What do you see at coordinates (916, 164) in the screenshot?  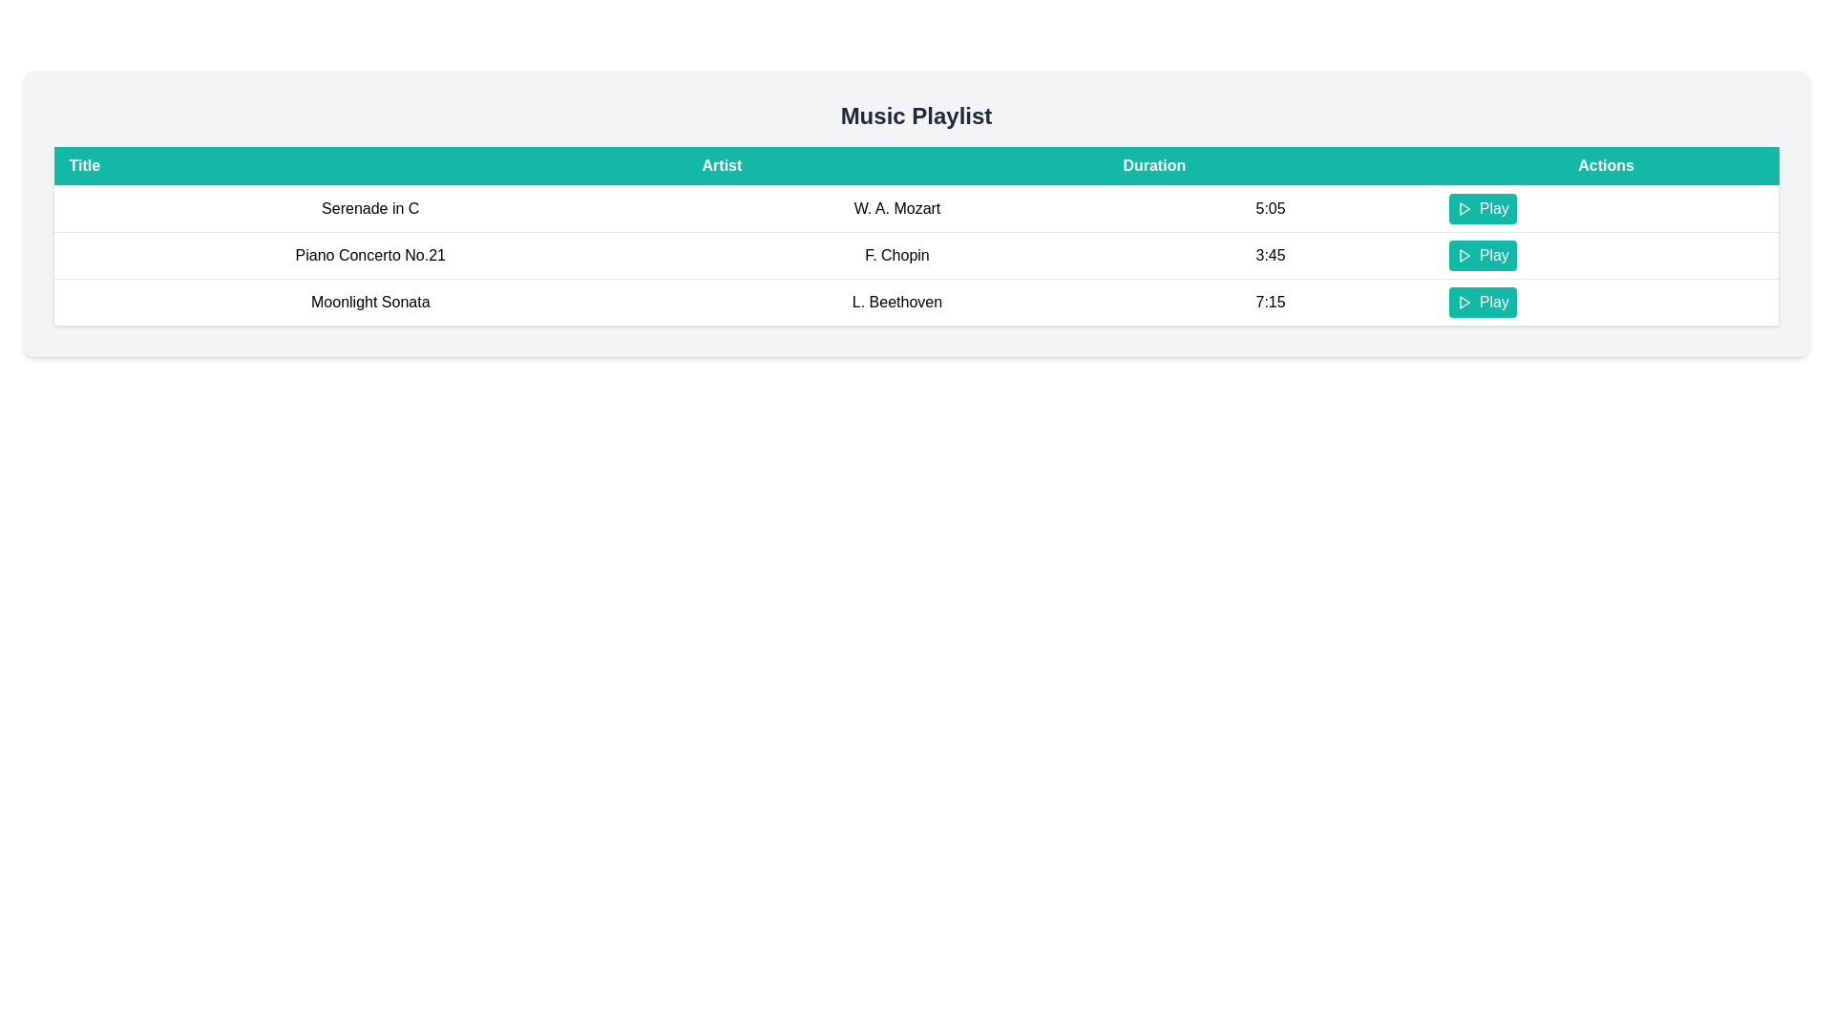 I see `the header row of the table which includes the labels 'Title', 'Artist', 'Duration', and 'Actions' to understand the column details` at bounding box center [916, 164].